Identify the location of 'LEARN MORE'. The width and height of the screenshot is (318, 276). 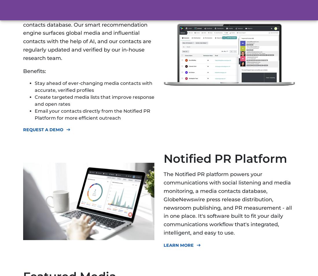
(178, 245).